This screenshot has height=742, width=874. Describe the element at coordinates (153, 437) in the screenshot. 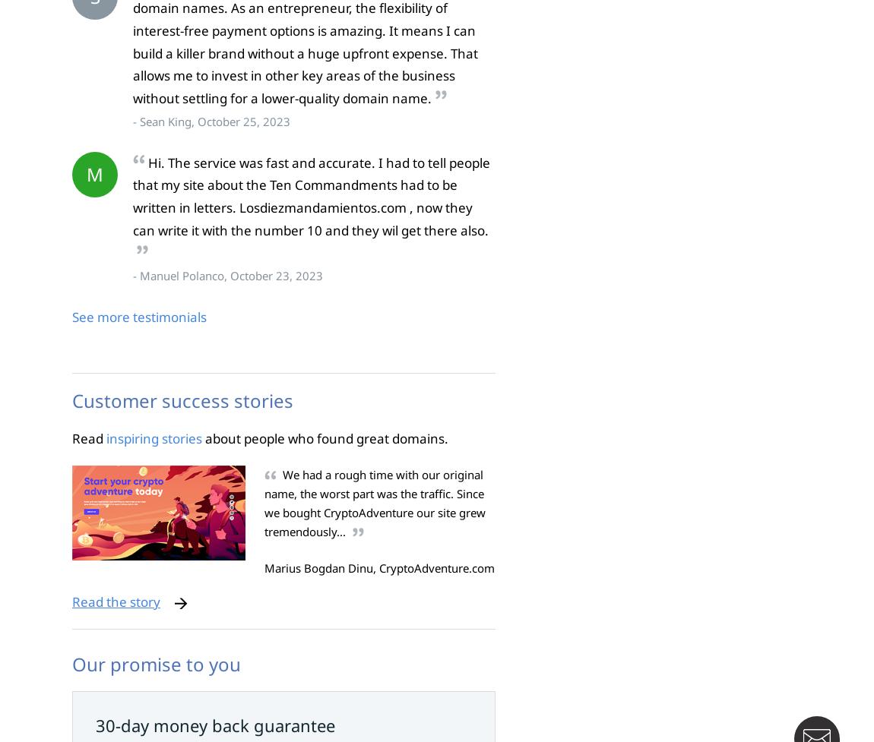

I see `'inspiring stories'` at that location.